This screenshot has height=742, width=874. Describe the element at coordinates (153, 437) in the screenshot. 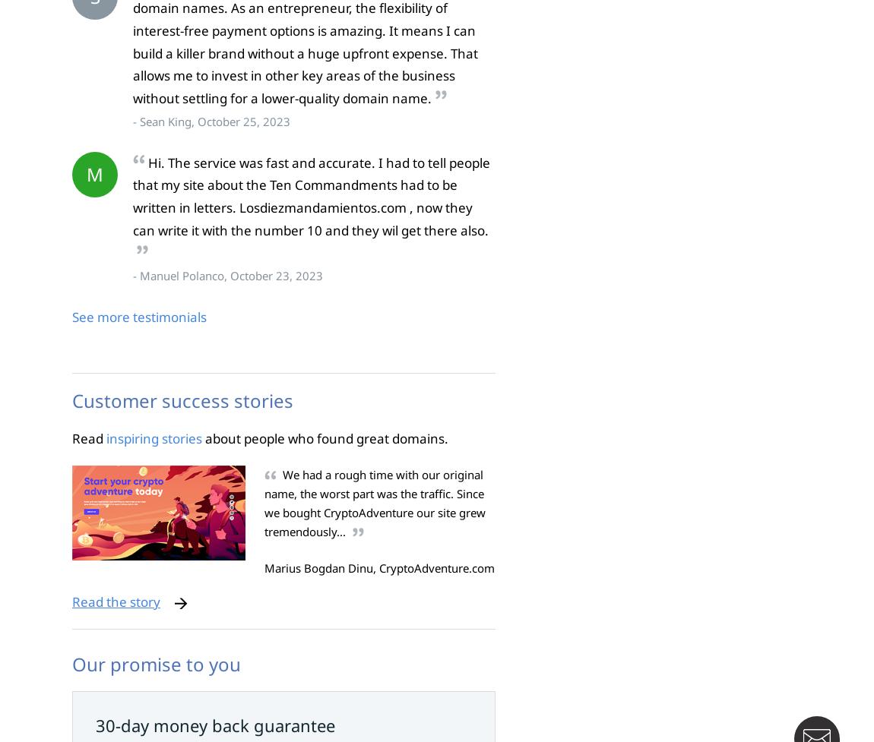

I see `'inspiring stories'` at that location.